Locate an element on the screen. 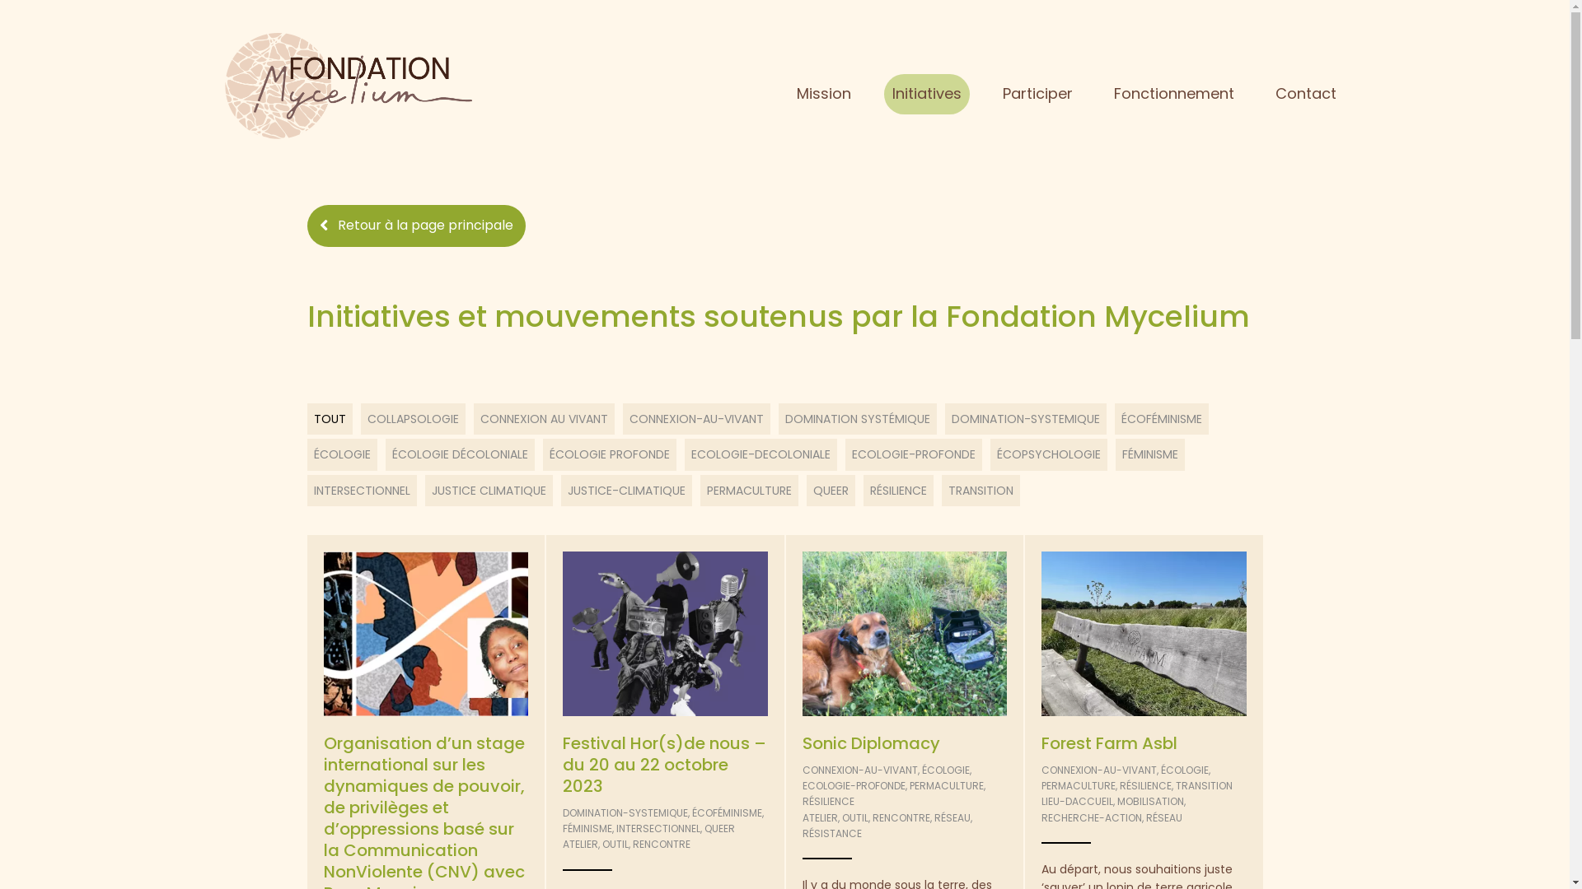 The width and height of the screenshot is (1582, 889). 'ECOLOGIE-PROFONDE' is located at coordinates (854, 784).